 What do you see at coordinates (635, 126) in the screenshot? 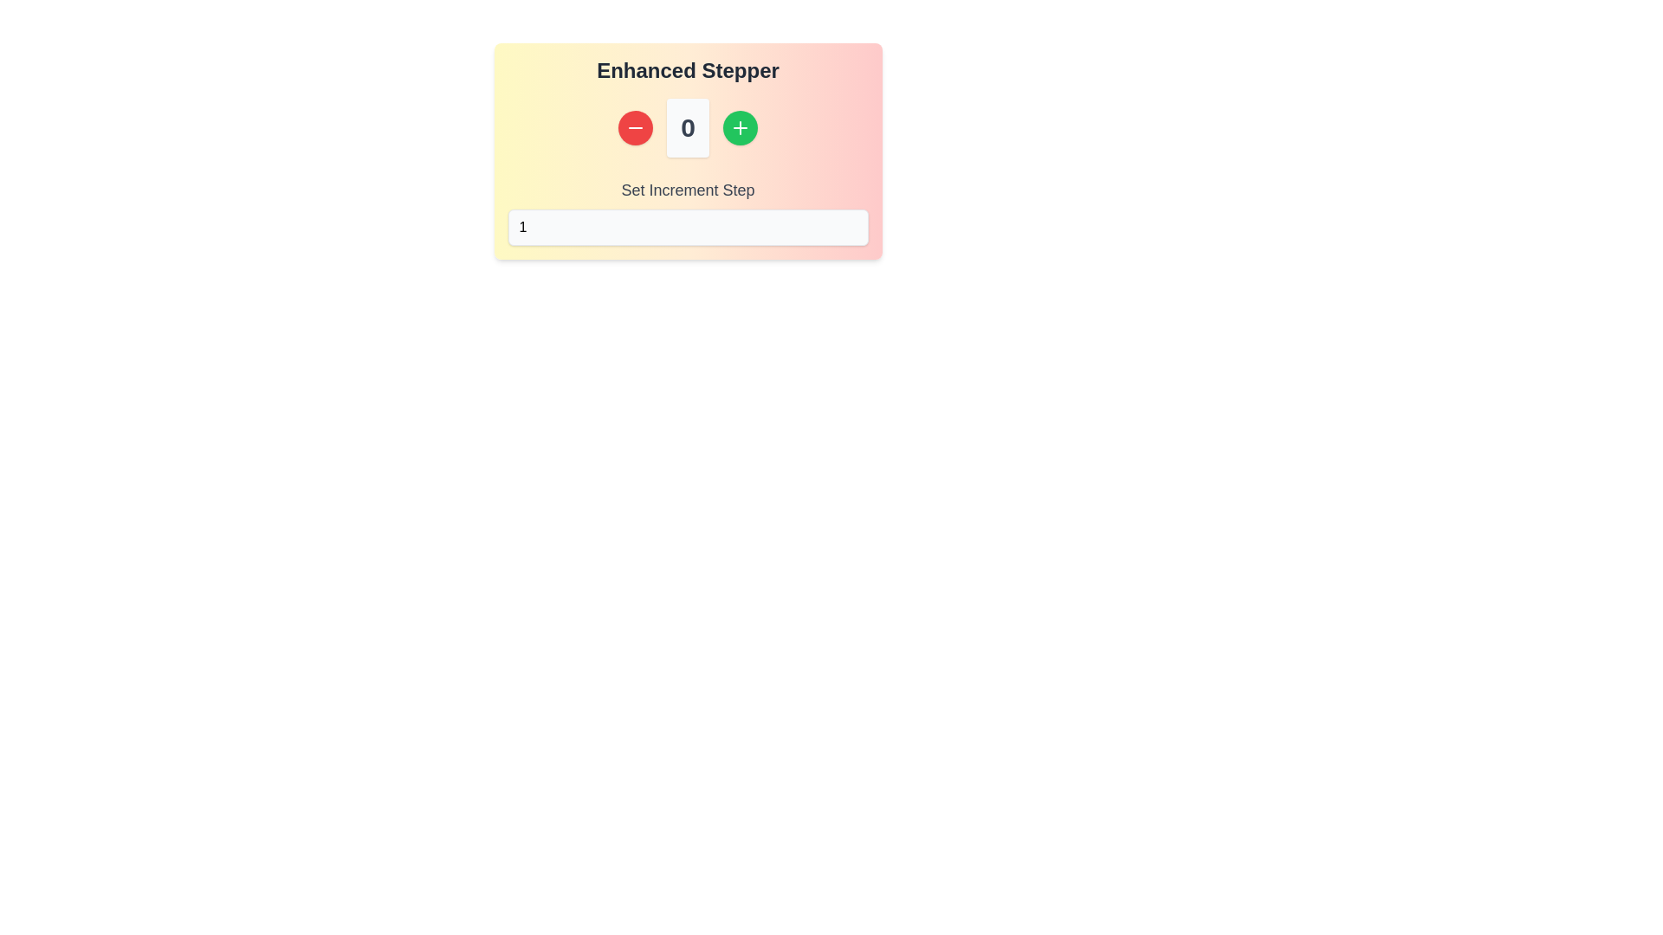
I see `the button that decreases the counter value, located to the left of the number display and a green button, to change its appearance` at bounding box center [635, 126].